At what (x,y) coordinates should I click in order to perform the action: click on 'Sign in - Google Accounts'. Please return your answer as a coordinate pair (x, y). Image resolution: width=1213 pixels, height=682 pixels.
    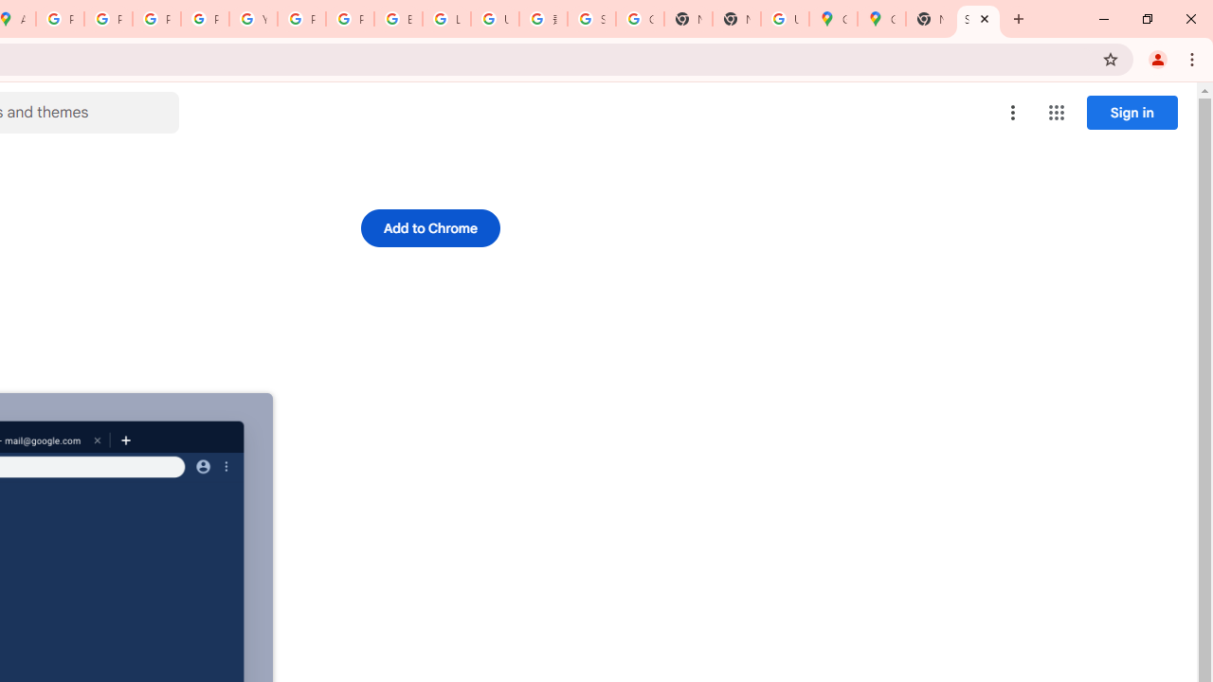
    Looking at the image, I should click on (590, 19).